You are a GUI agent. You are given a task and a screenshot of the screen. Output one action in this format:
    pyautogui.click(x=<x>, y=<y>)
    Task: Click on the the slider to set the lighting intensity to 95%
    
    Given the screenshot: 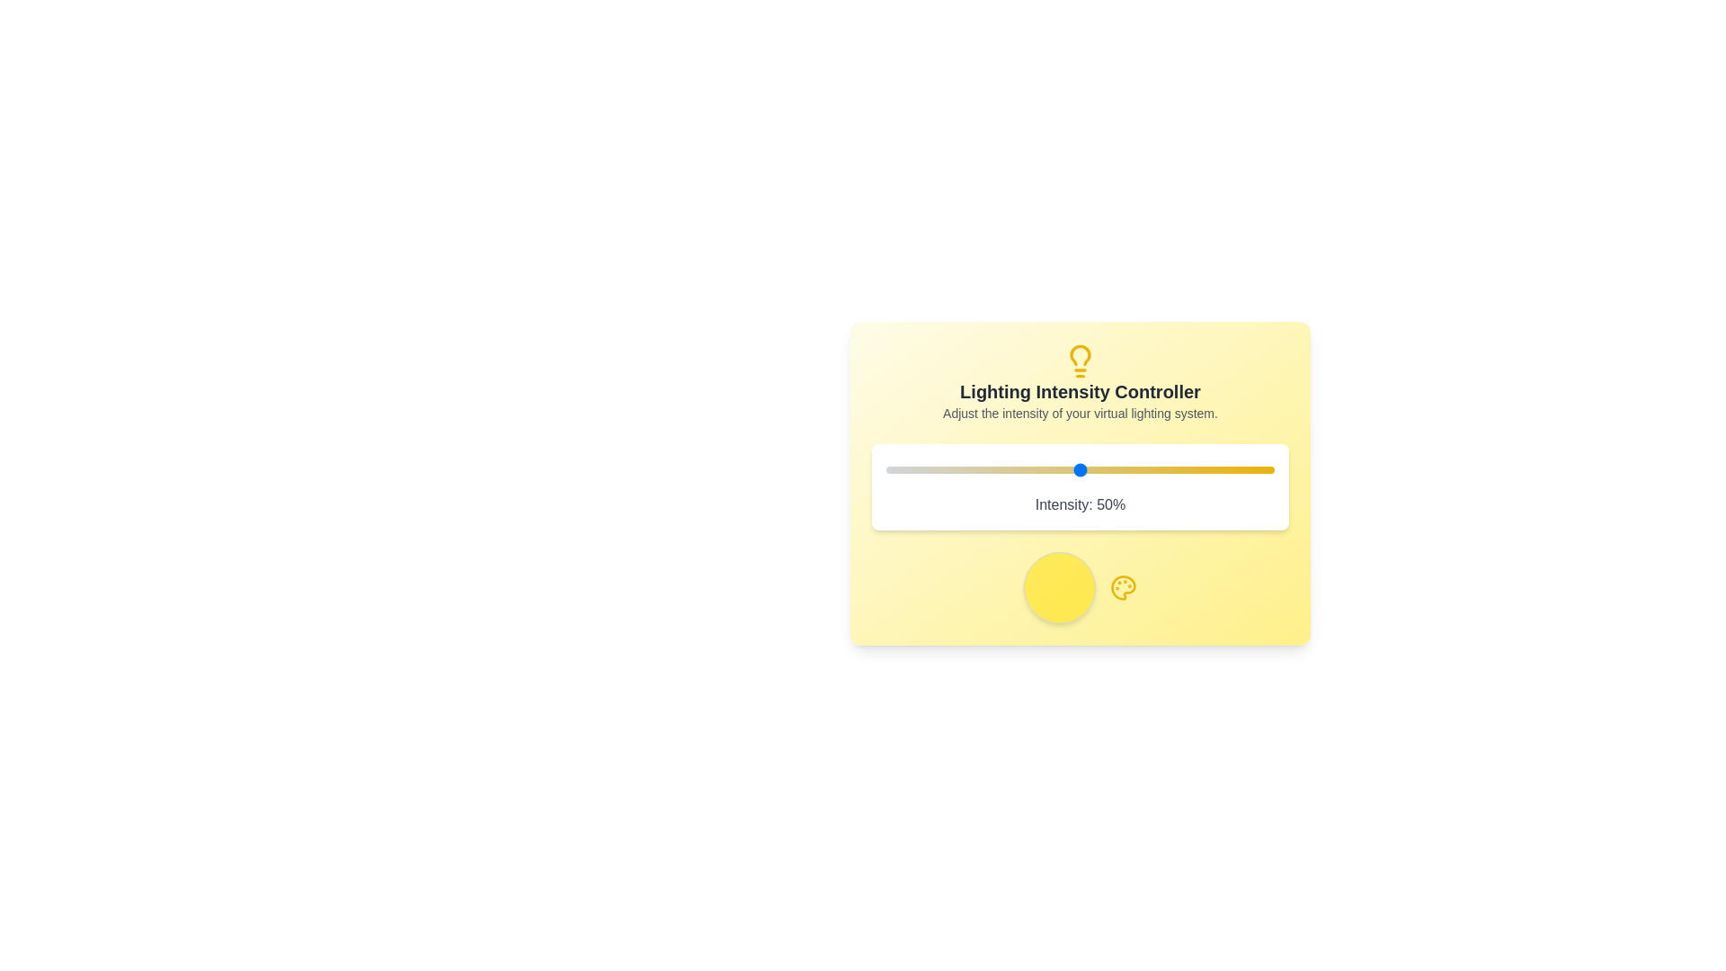 What is the action you would take?
    pyautogui.click(x=1254, y=469)
    